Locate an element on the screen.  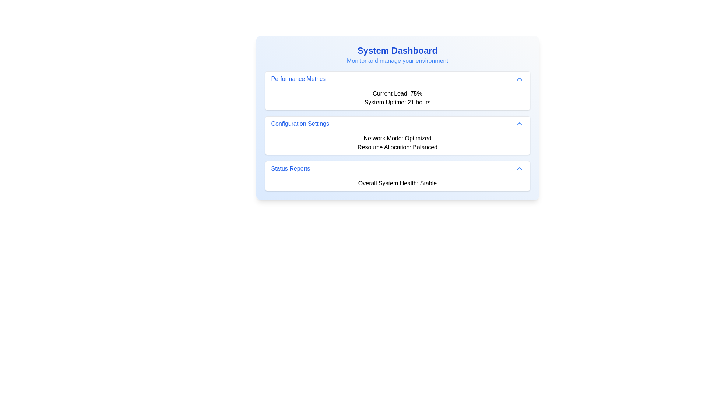
the Text Label that serves as a descriptive subtitle or tagline related to the 'System Dashboard' heading, positioned directly below it is located at coordinates (397, 60).